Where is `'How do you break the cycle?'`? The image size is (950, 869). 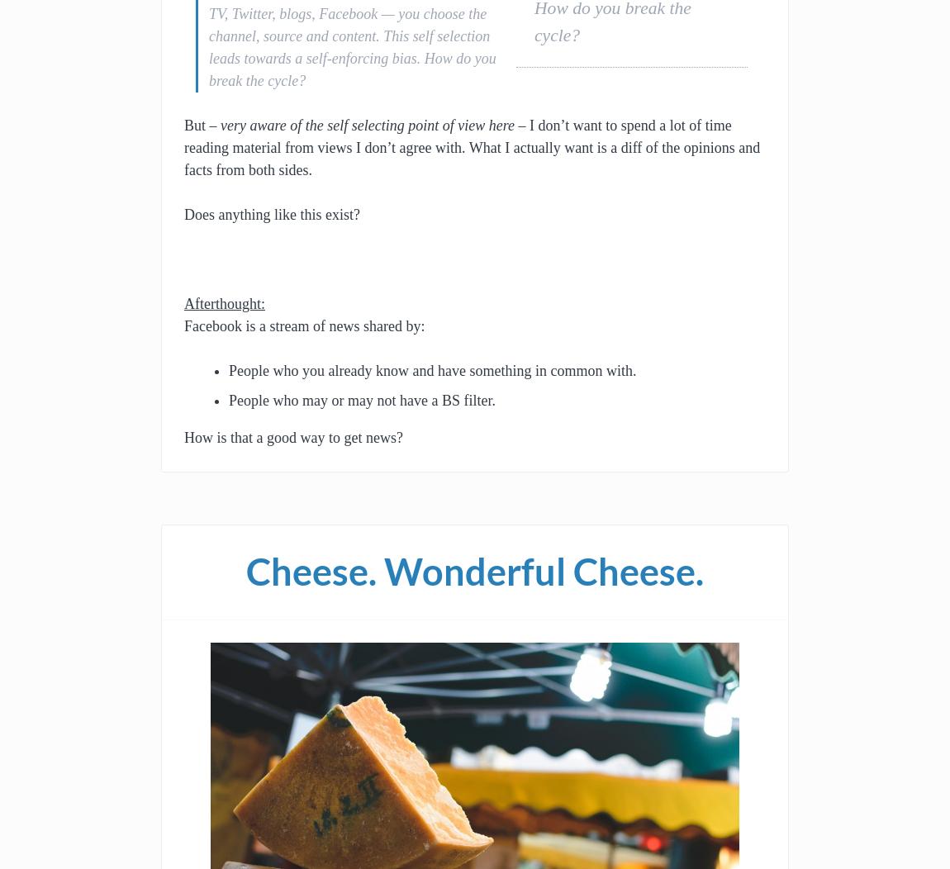
'How do you break the cycle?' is located at coordinates (352, 69).